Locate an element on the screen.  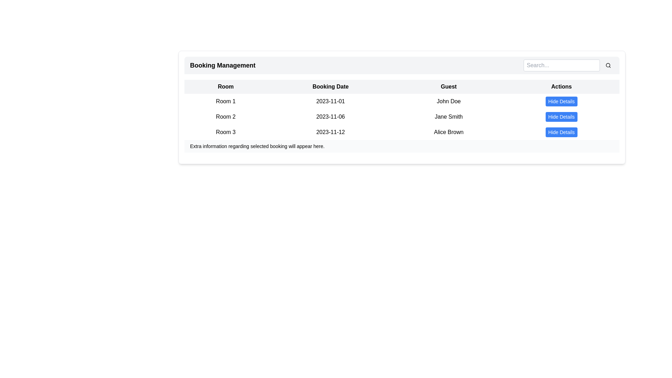
the text label 'Alice Brown' located in the 'Guest' column of the booking table, which is situated in the third row is located at coordinates (449, 132).